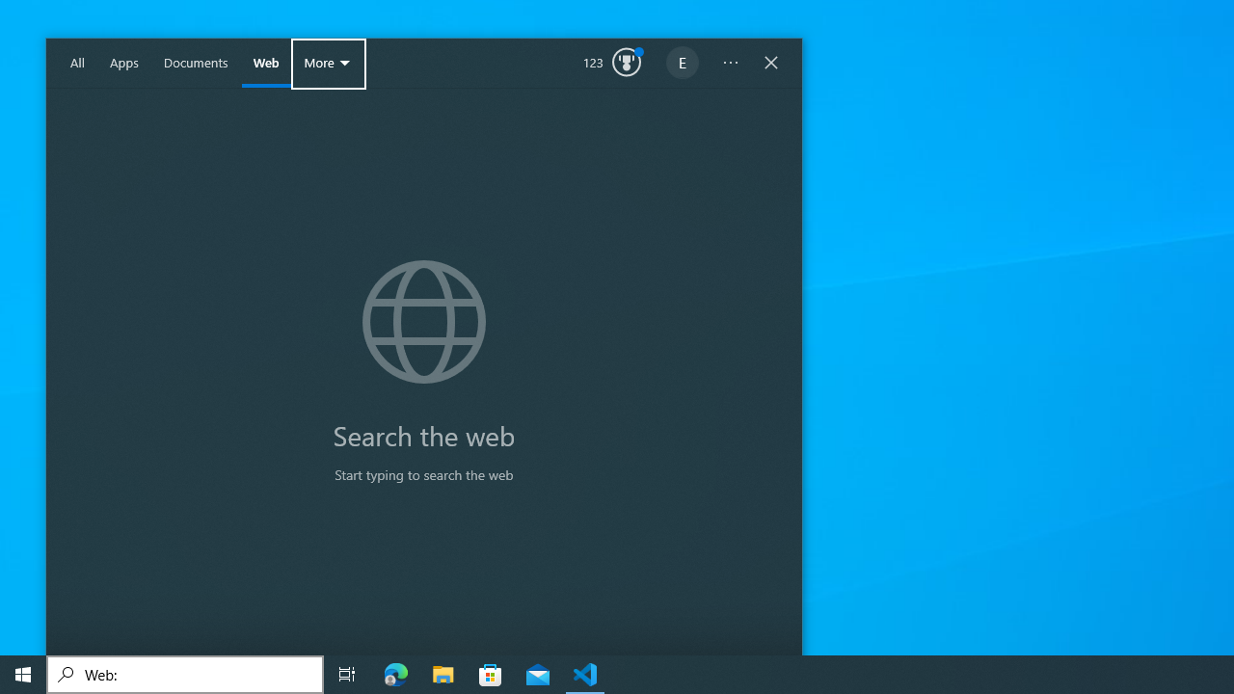 The image size is (1234, 694). I want to click on 'Options', so click(730, 63).